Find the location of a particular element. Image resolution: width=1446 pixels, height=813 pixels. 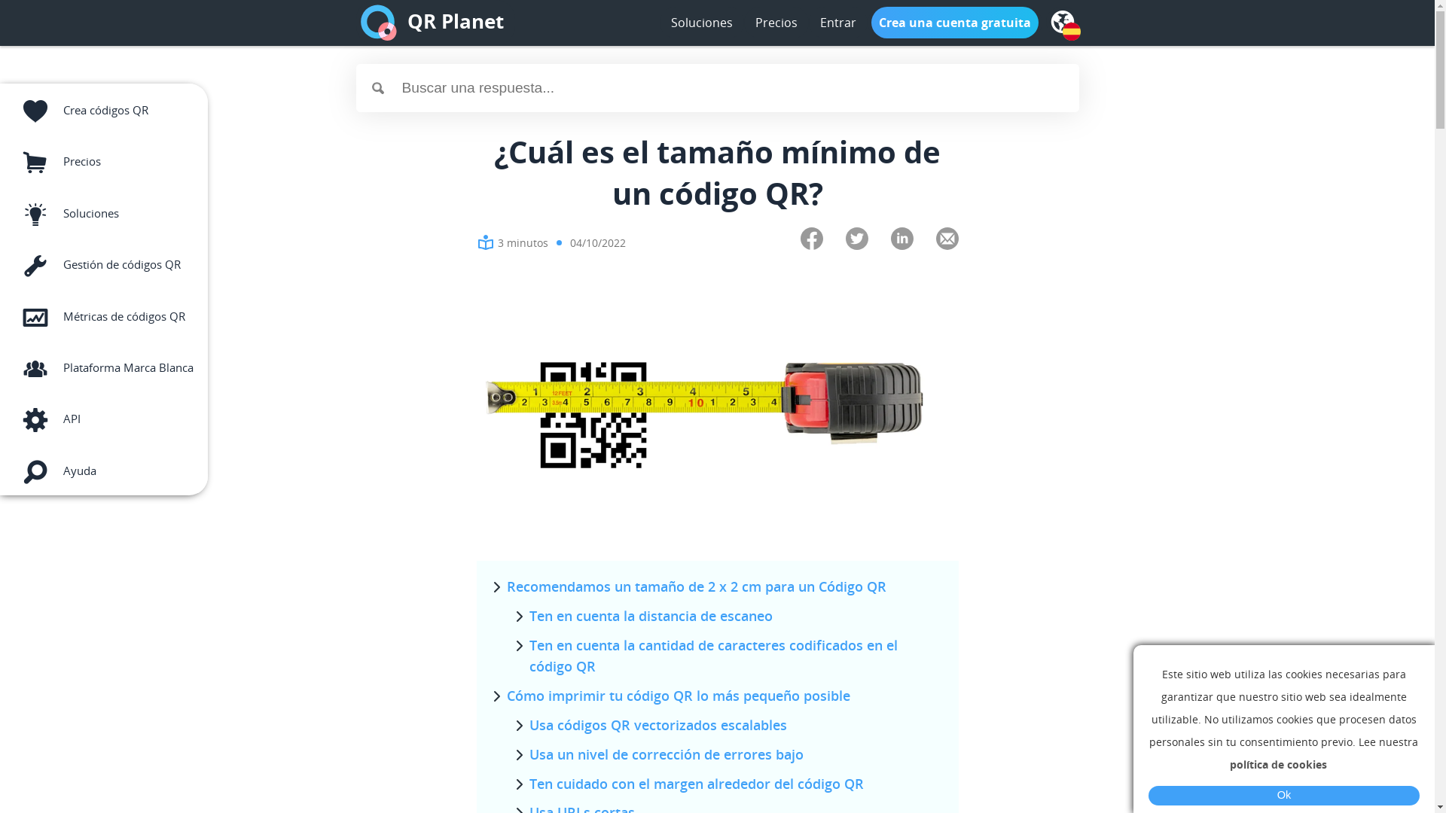

'Entrar' is located at coordinates (811, 23).